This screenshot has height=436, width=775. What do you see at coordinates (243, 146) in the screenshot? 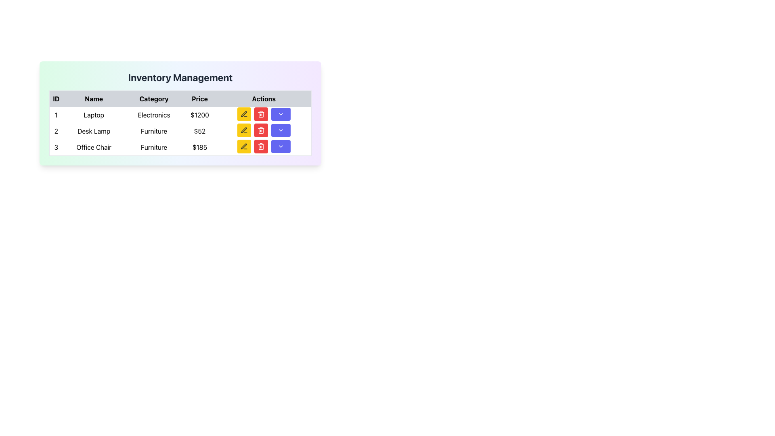
I see `the edit icon represented by a pen graphic inside a yellow square button under the 'Actions' column for 'Office Chair'` at bounding box center [243, 146].